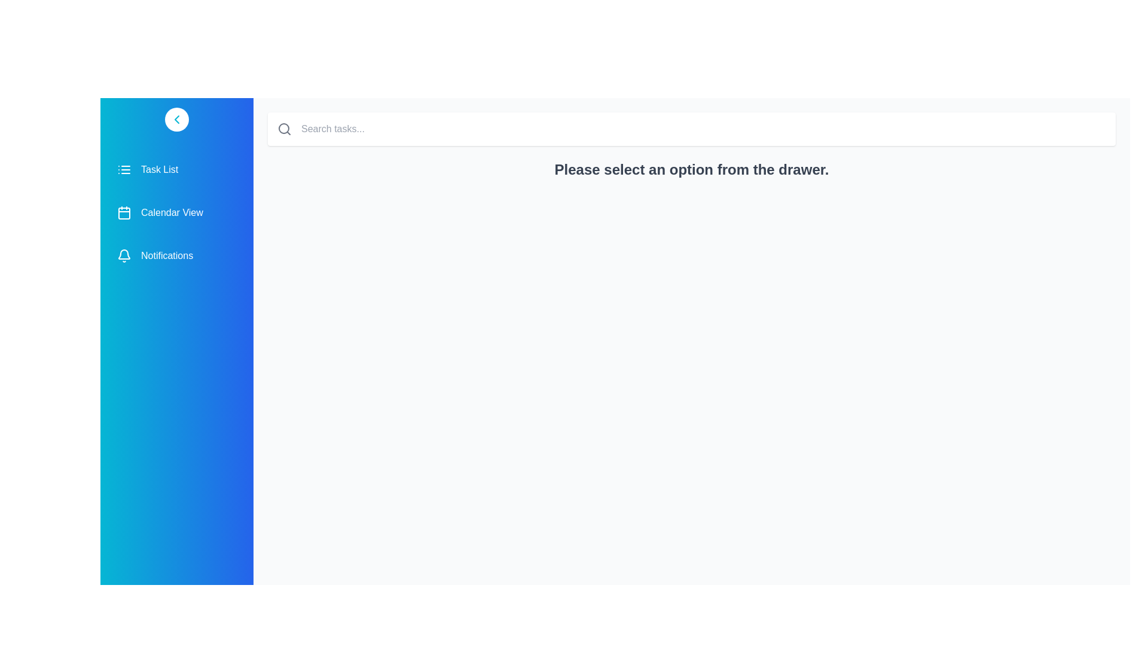 This screenshot has height=646, width=1148. I want to click on button to toggle the drawer's state, so click(176, 120).